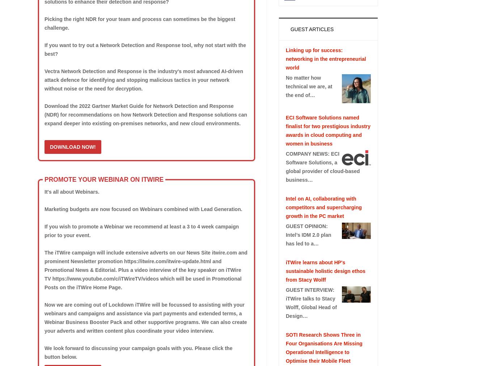 The height and width of the screenshot is (366, 483). I want to click on 'Now we are coming out of Lockdown iTWire will be focussed to assisting with your webinars and campaigns and assistance via part payments and extended terms, a Webinar Business Booster Pack and other supportive programs. We can also create your adverts and written content plus coordinate your video interview.', so click(145, 317).